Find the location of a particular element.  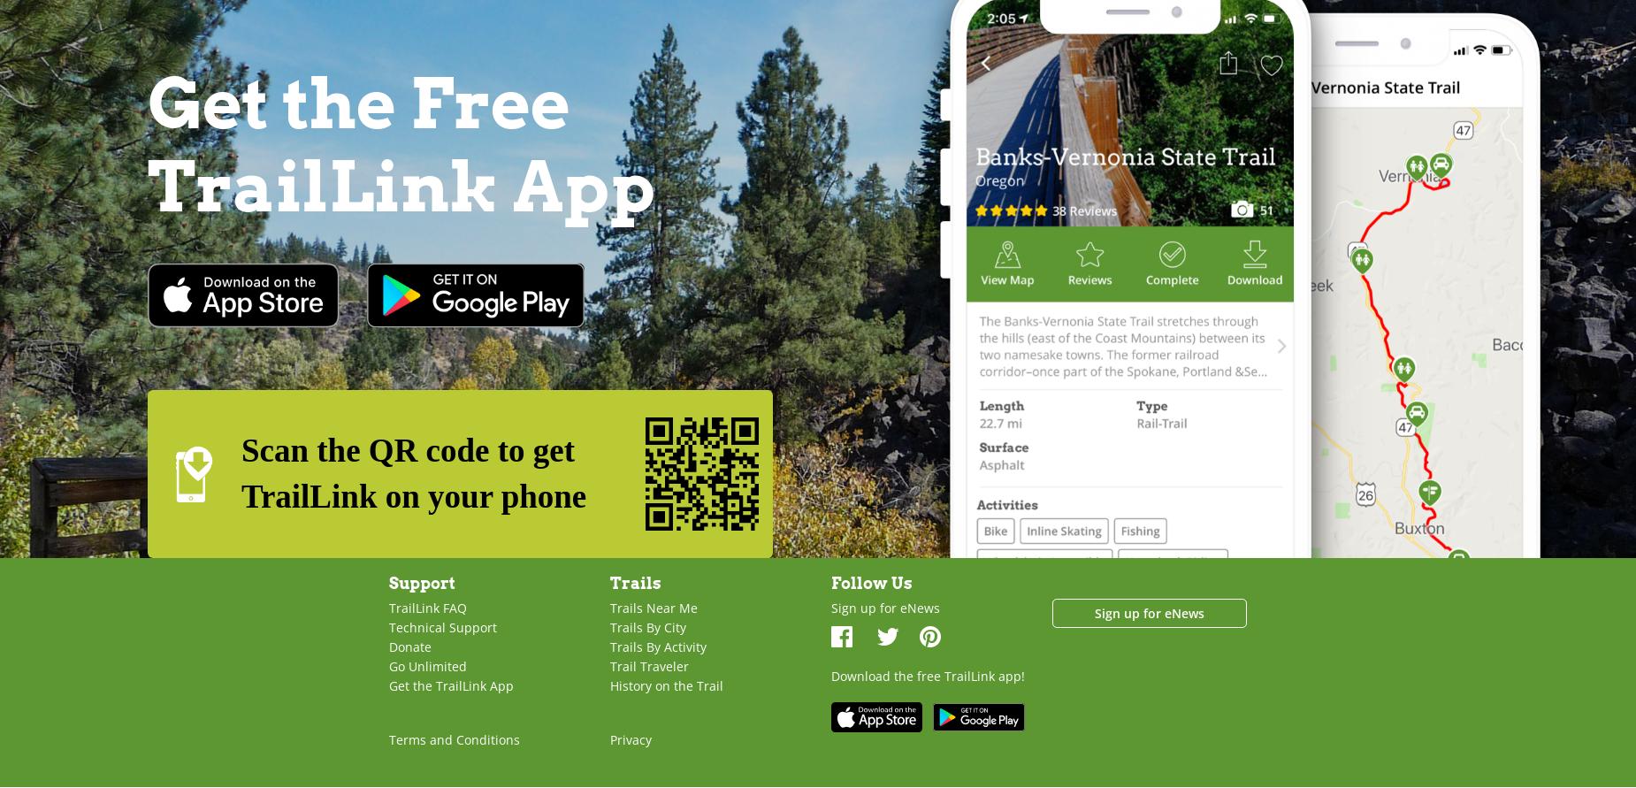

'History on the Trail' is located at coordinates (667, 685).